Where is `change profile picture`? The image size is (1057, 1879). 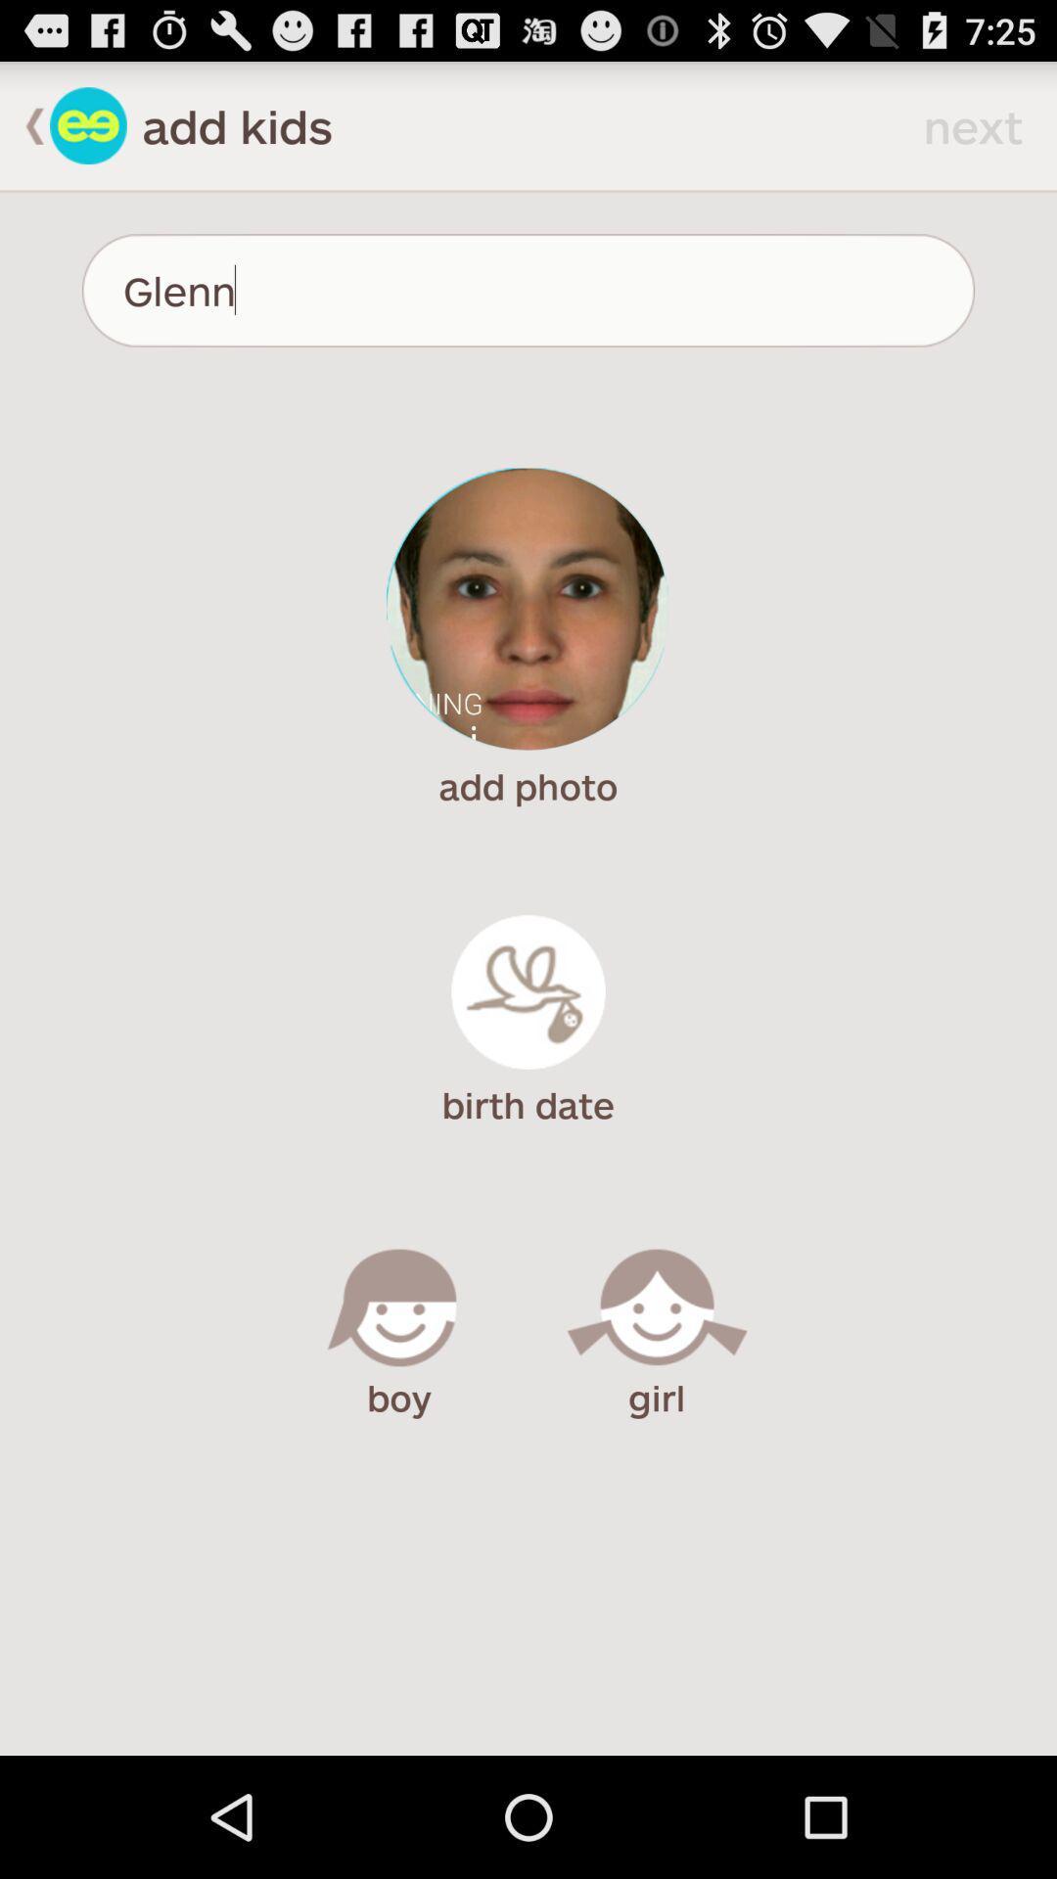
change profile picture is located at coordinates (527, 608).